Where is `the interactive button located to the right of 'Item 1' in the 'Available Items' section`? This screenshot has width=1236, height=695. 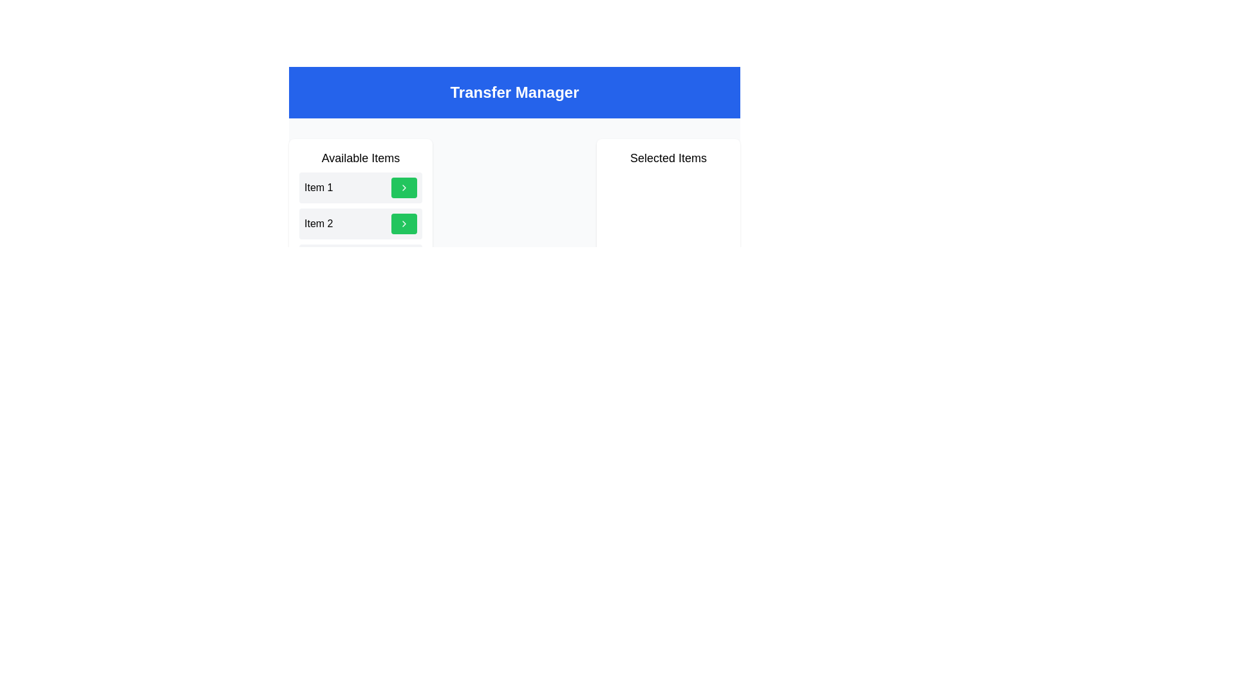 the interactive button located to the right of 'Item 1' in the 'Available Items' section is located at coordinates (404, 188).